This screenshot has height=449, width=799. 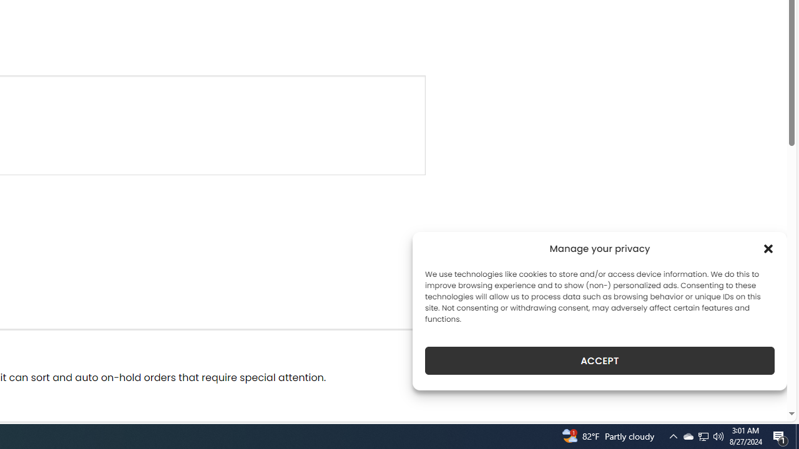 What do you see at coordinates (768, 248) in the screenshot?
I see `'Class: cmplz-close'` at bounding box center [768, 248].